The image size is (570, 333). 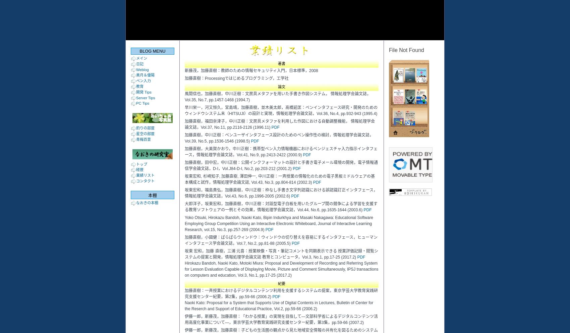 I want to click on '加藤直樹：一斉授業におけるデジタルコンテンツ利用を支援するシステムの提案，東京学芸大学教育実践研究支援センター紀要，第2集，pp.59-66 (2006.2)', so click(x=281, y=293).